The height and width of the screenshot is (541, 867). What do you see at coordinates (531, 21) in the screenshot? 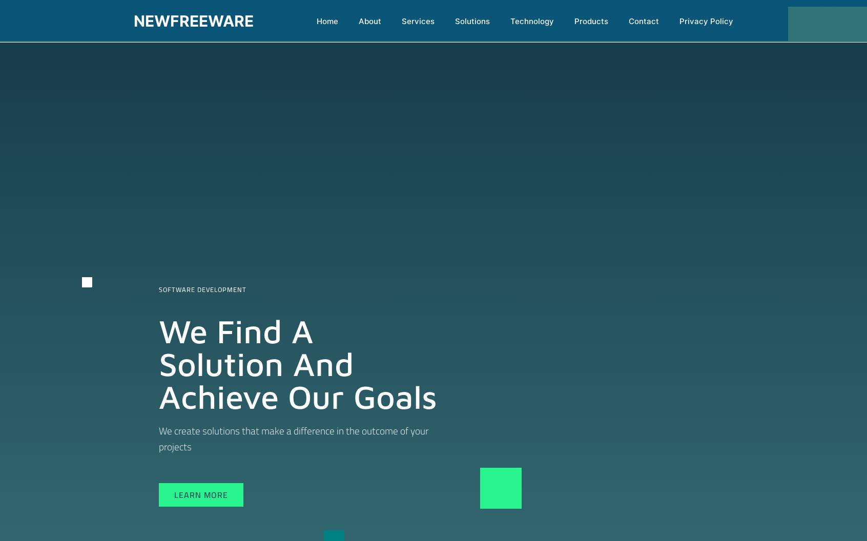
I see `'Technology'` at bounding box center [531, 21].